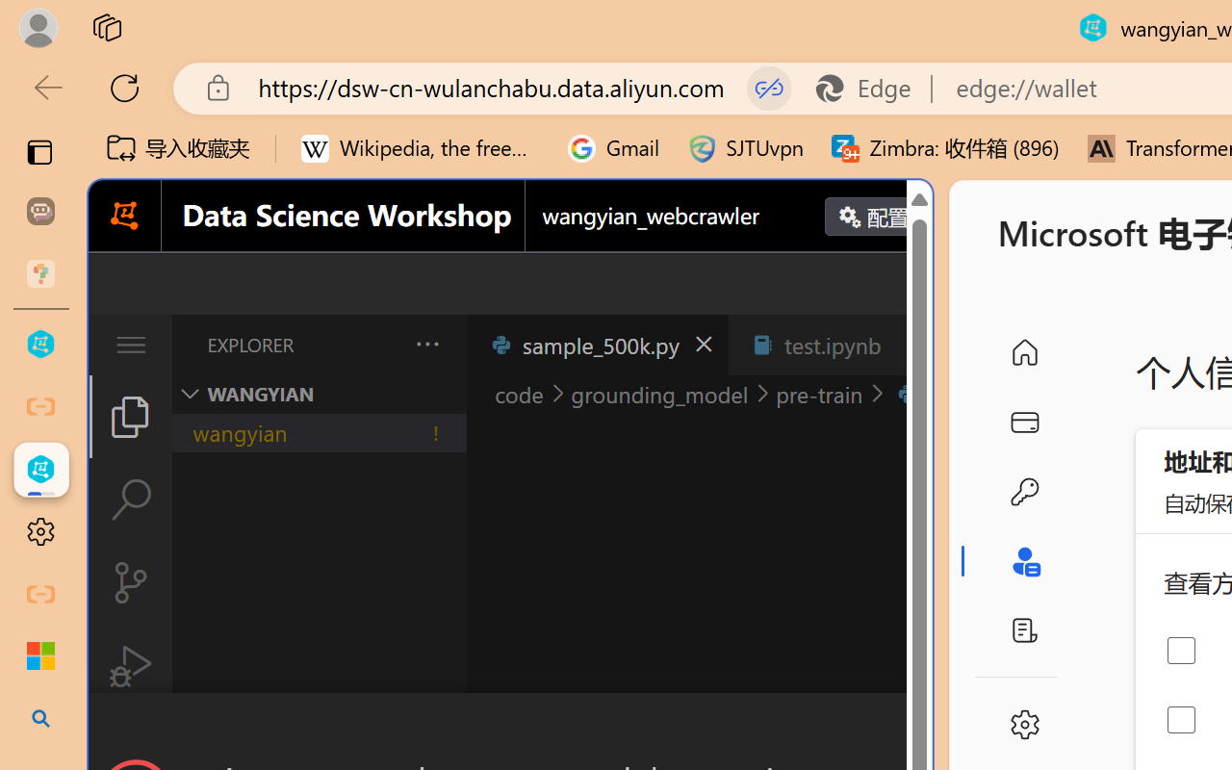  I want to click on 'Close Dialog', so click(924, 728).